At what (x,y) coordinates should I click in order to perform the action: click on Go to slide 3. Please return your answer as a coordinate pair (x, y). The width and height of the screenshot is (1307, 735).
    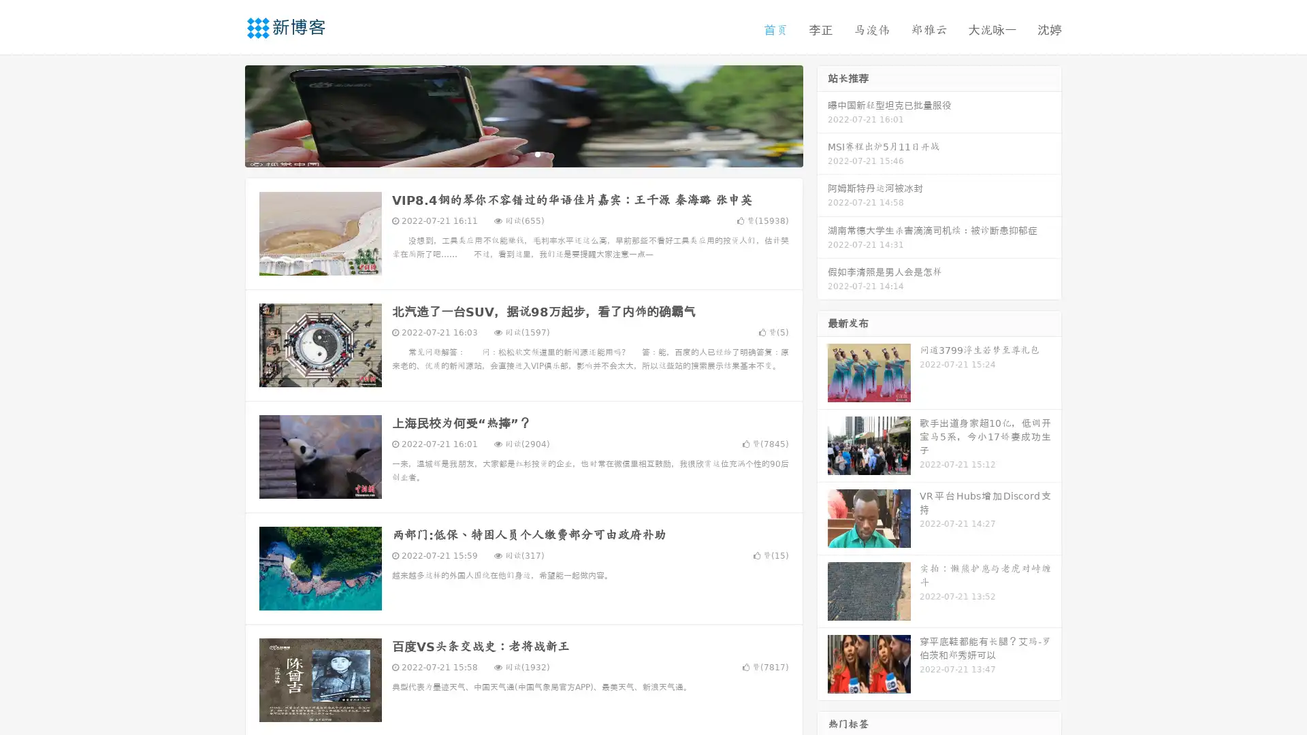
    Looking at the image, I should click on (537, 153).